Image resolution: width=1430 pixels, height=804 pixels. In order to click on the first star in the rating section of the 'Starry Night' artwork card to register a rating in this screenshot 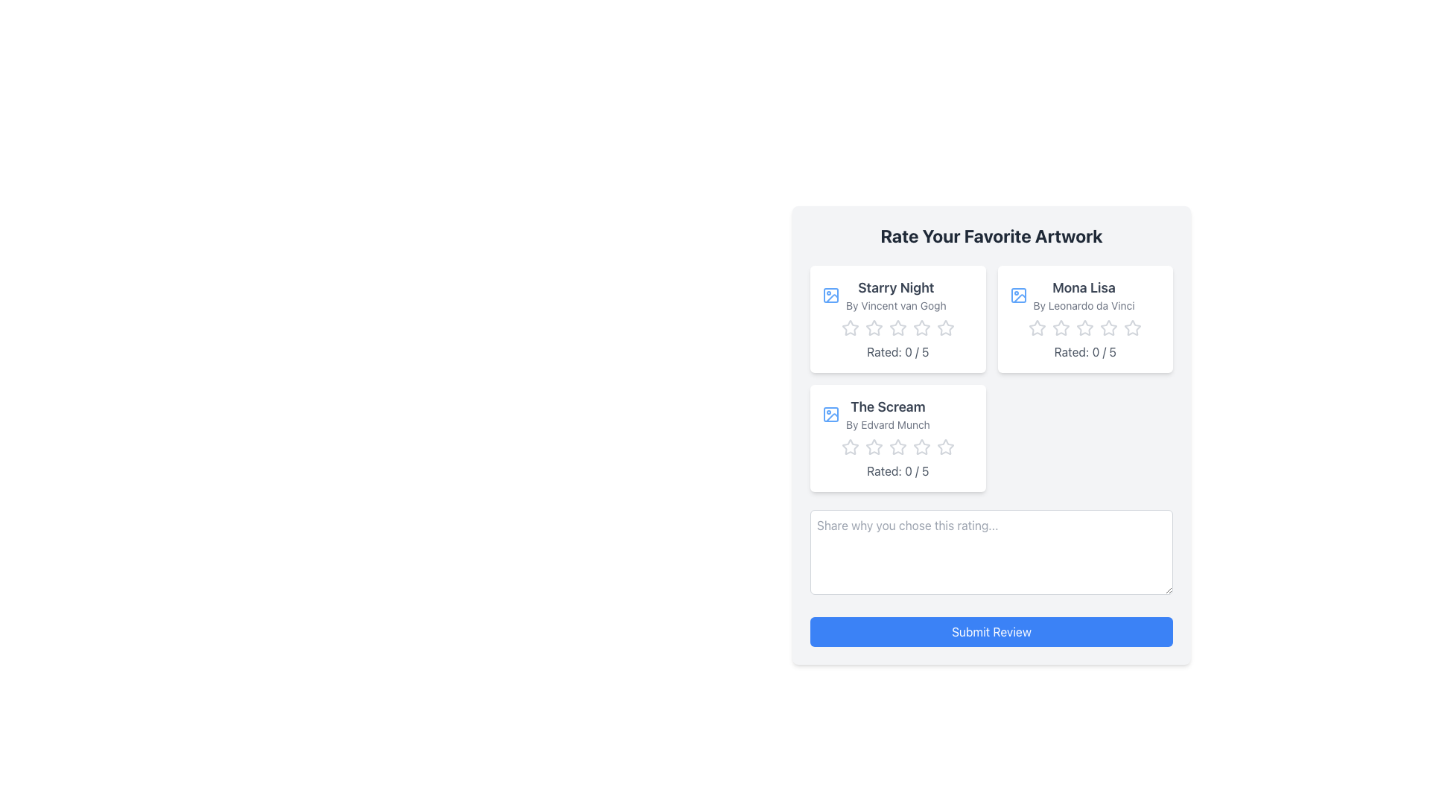, I will do `click(874, 327)`.